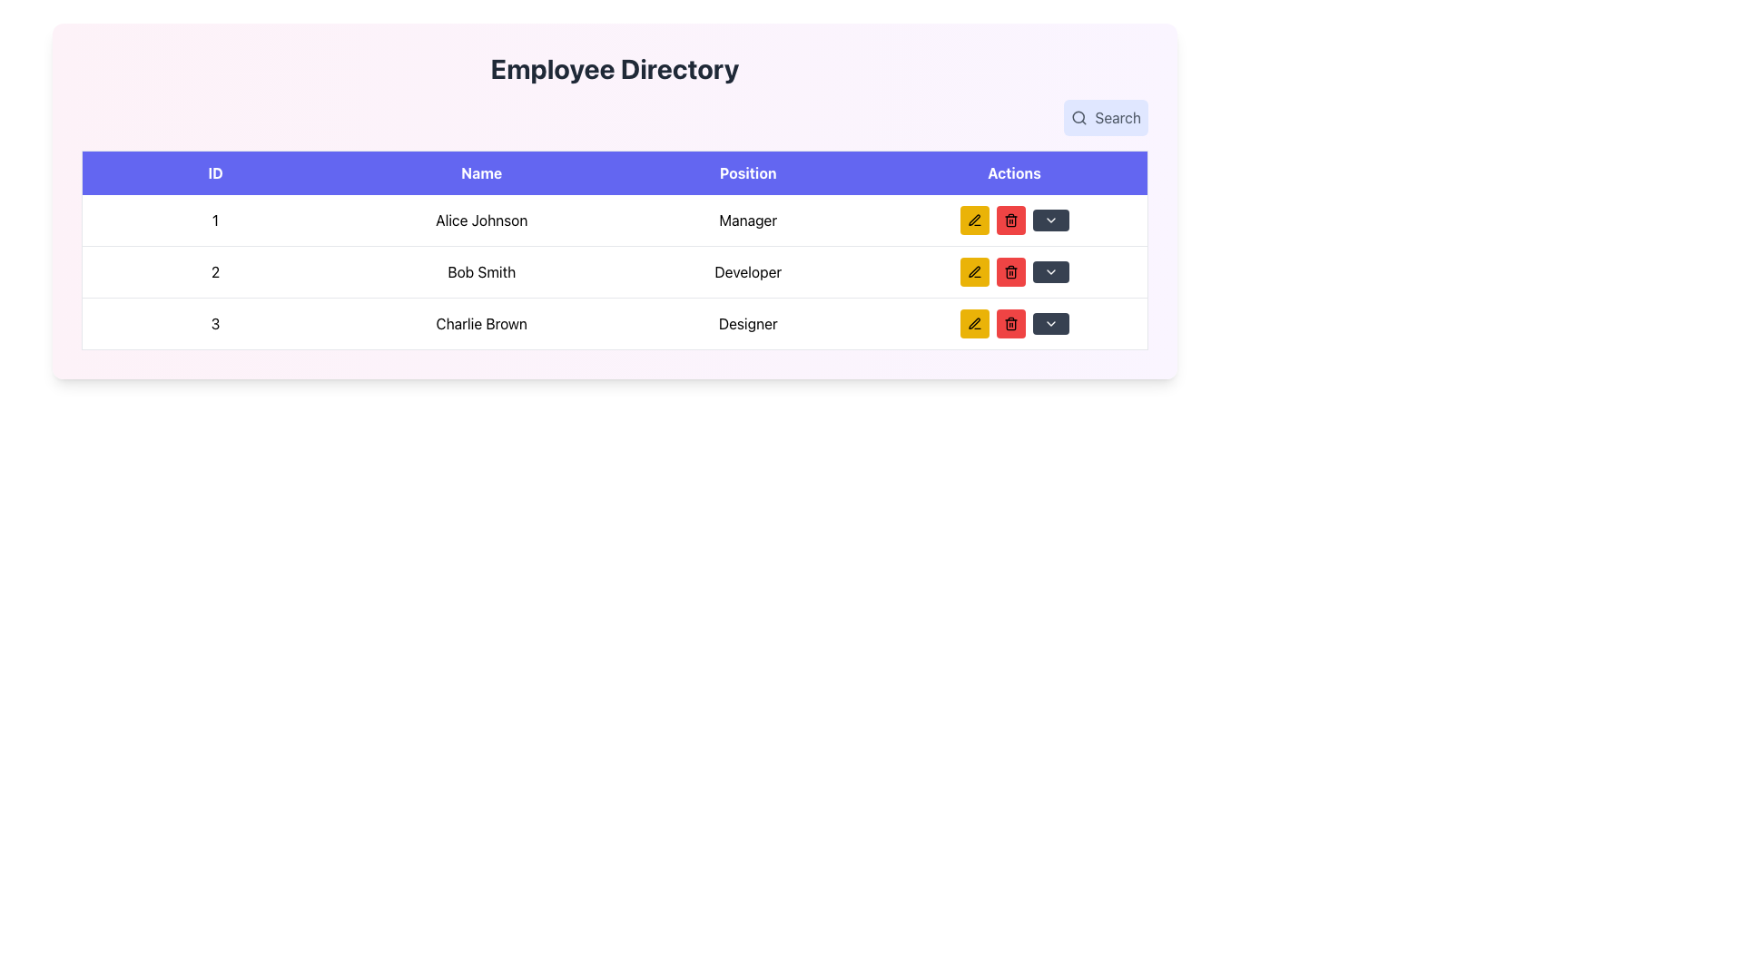 This screenshot has width=1743, height=980. I want to click on the delete button in the 'Actions' column for the employee 'Bob Smith', who holds the position of 'Developer', using keyboard navigation, so click(1009, 272).